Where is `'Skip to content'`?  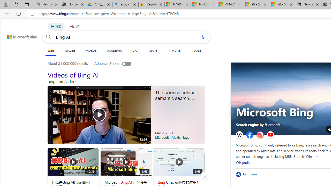
'Skip to content' is located at coordinates (17, 34).